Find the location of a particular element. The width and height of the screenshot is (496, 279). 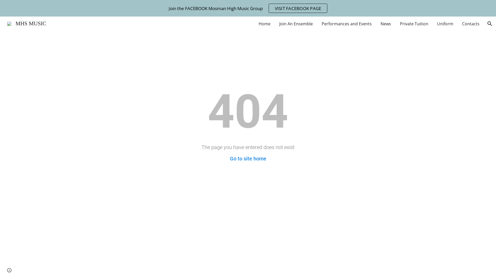

'Contacts' is located at coordinates (471, 24).